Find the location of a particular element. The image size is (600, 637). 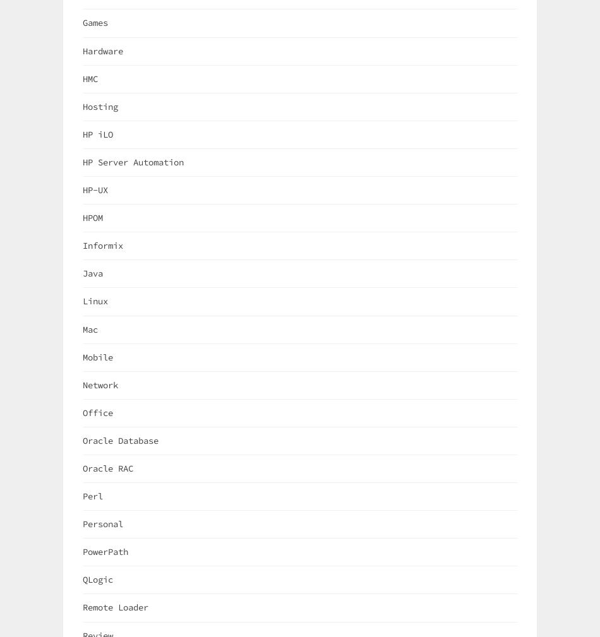

'Informix' is located at coordinates (83, 244).